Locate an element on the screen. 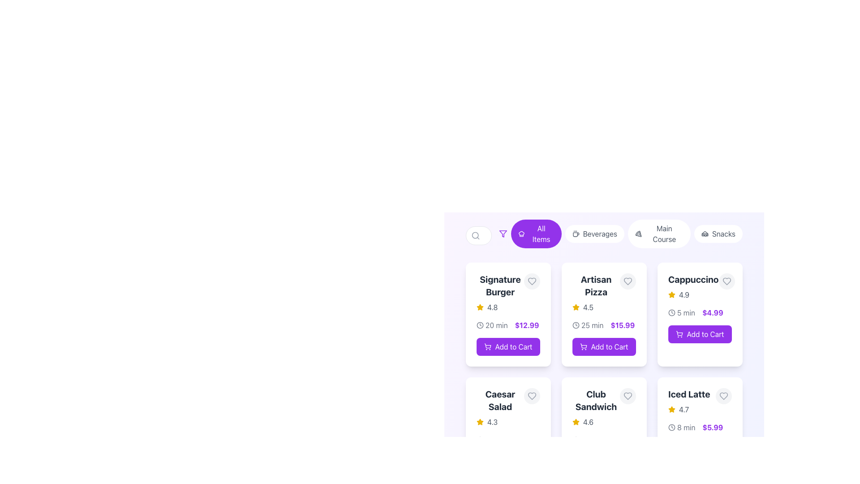  the circular SVG element that is part of the clock icon located at the top of the interface in the toolbar area is located at coordinates (671, 312).